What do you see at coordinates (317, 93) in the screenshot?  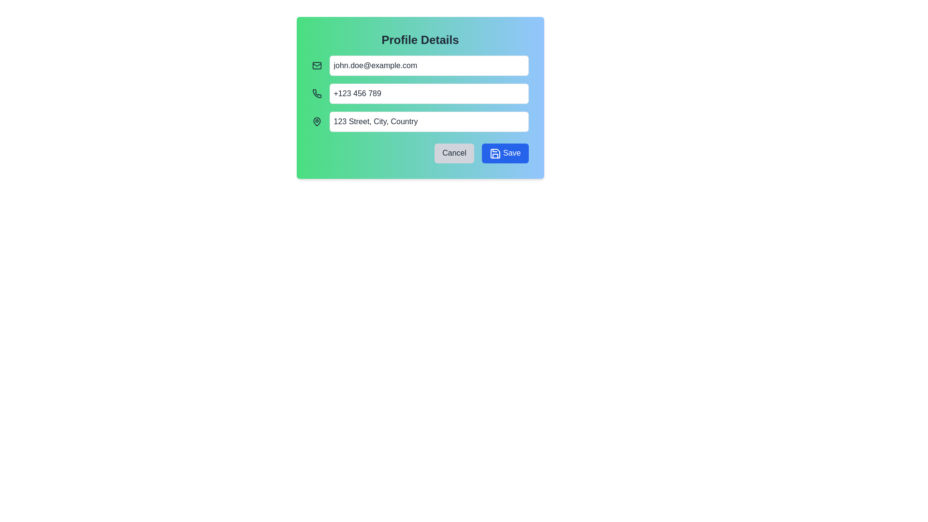 I see `the black outline telephone handset icon located beside the phone number text field in the middle row of the form` at bounding box center [317, 93].